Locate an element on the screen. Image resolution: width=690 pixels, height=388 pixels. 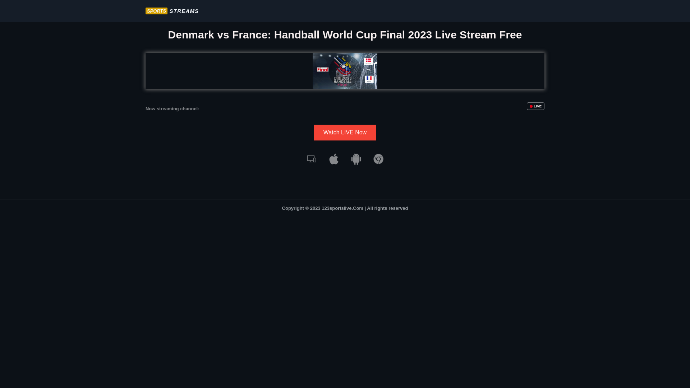
'SPORTS STREAMS' is located at coordinates (145, 11).